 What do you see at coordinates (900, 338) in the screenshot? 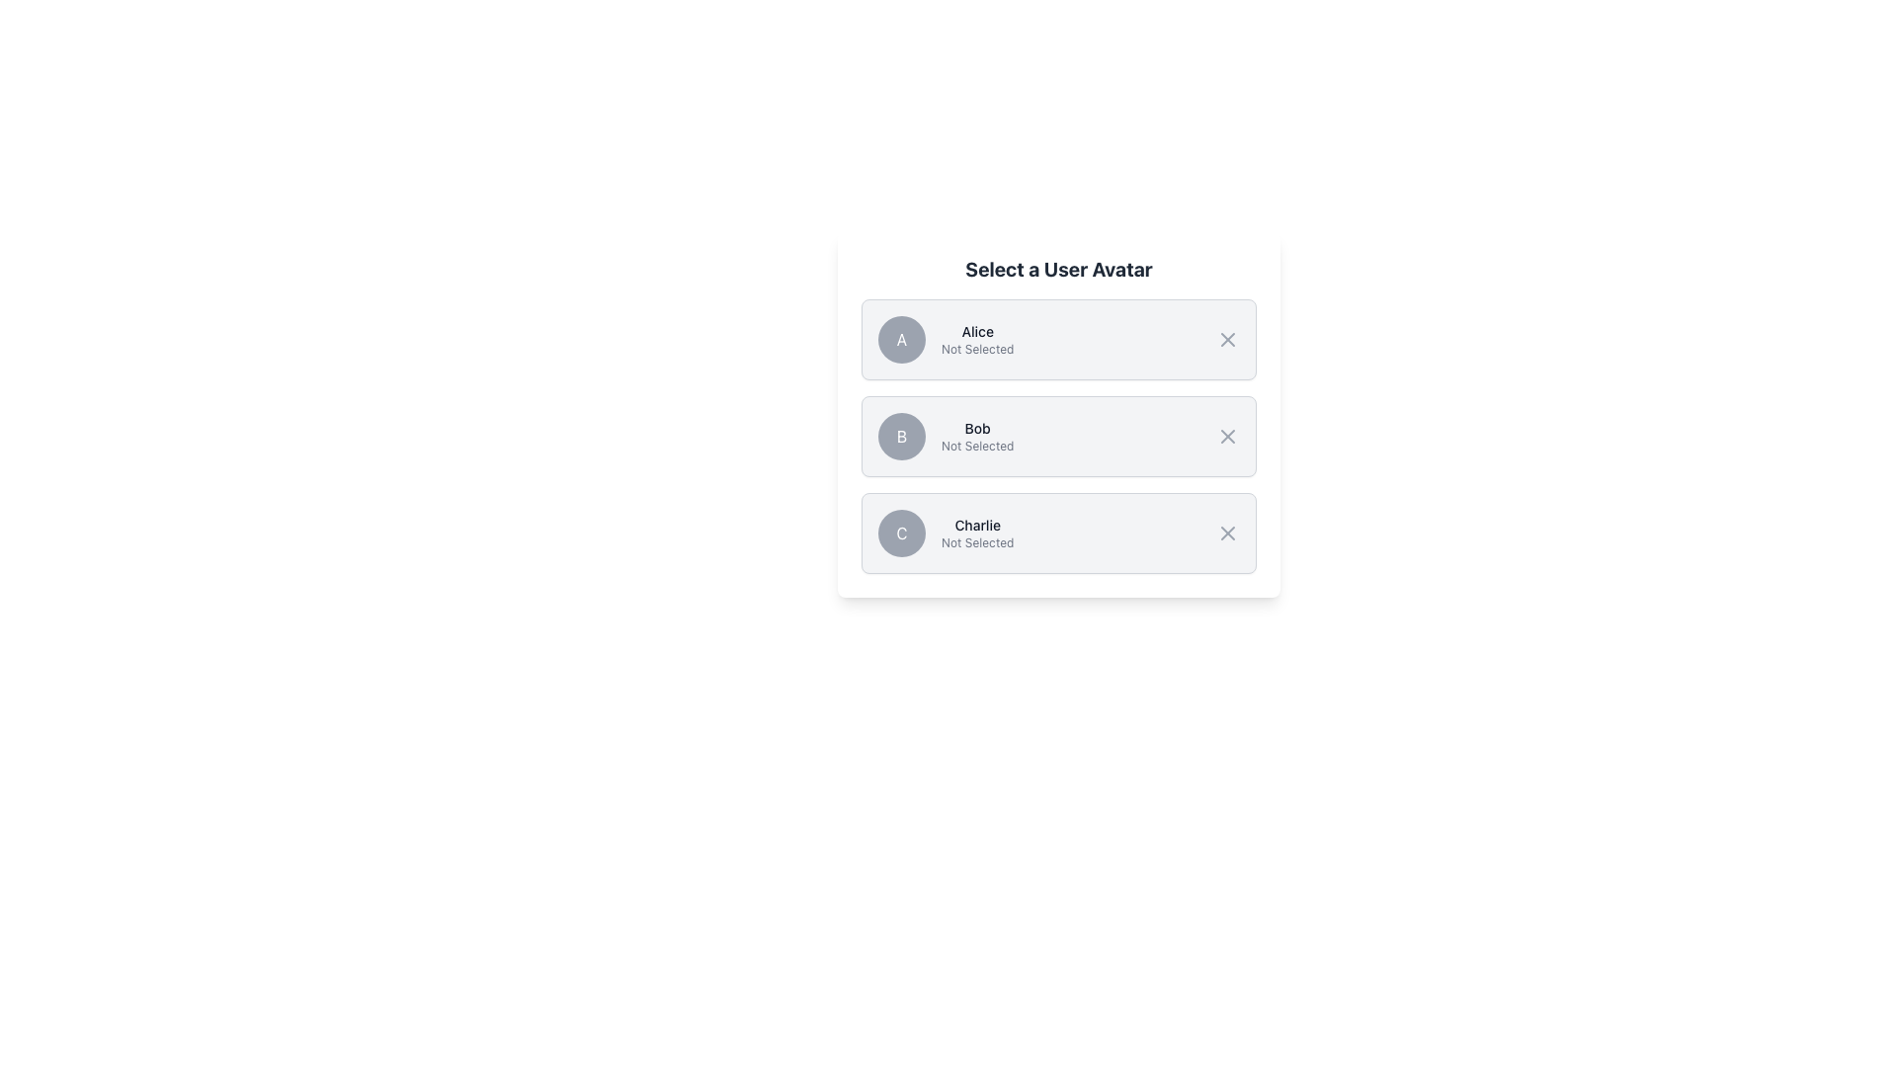
I see `the Avatar Icon representing the user 'Alice'` at bounding box center [900, 338].